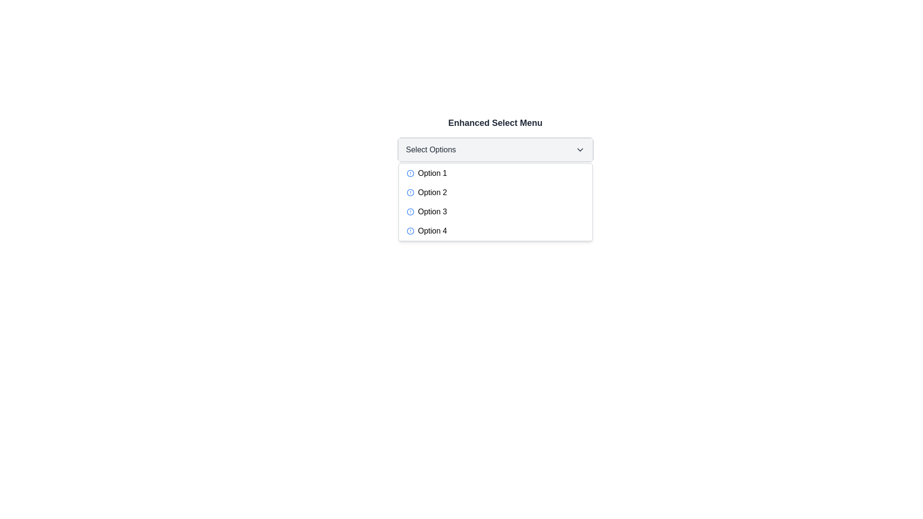  I want to click on the second item in the dropdown menu that is positioned between 'Option 1' and 'Option 3', so click(495, 193).